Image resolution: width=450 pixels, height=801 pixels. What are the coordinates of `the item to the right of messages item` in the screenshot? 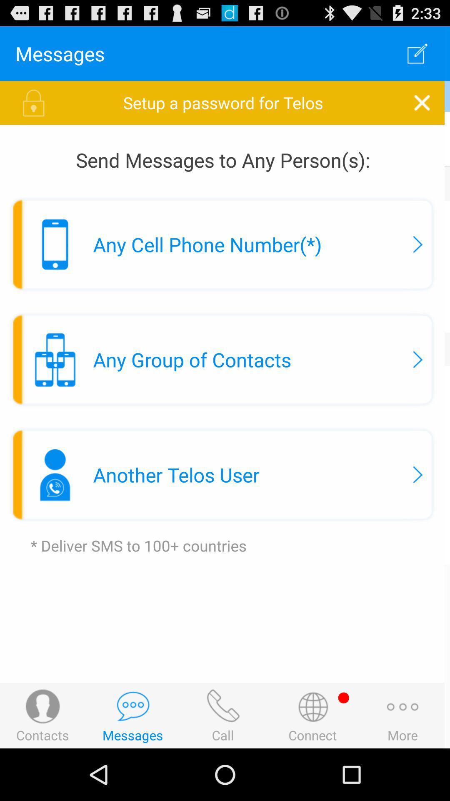 It's located at (420, 53).